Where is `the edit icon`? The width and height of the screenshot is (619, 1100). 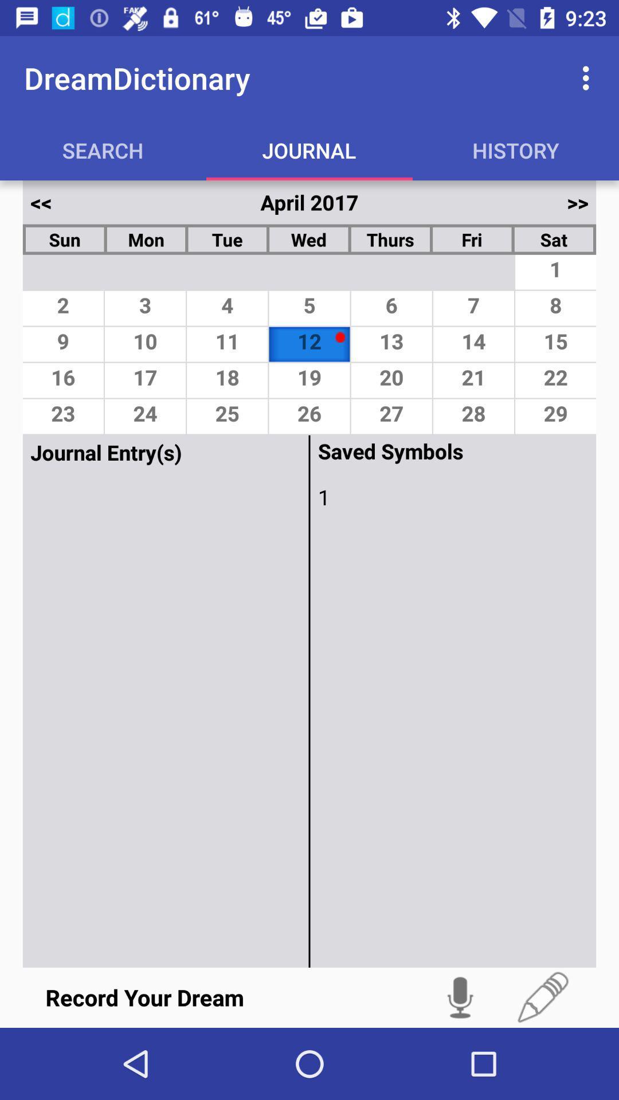
the edit icon is located at coordinates (543, 997).